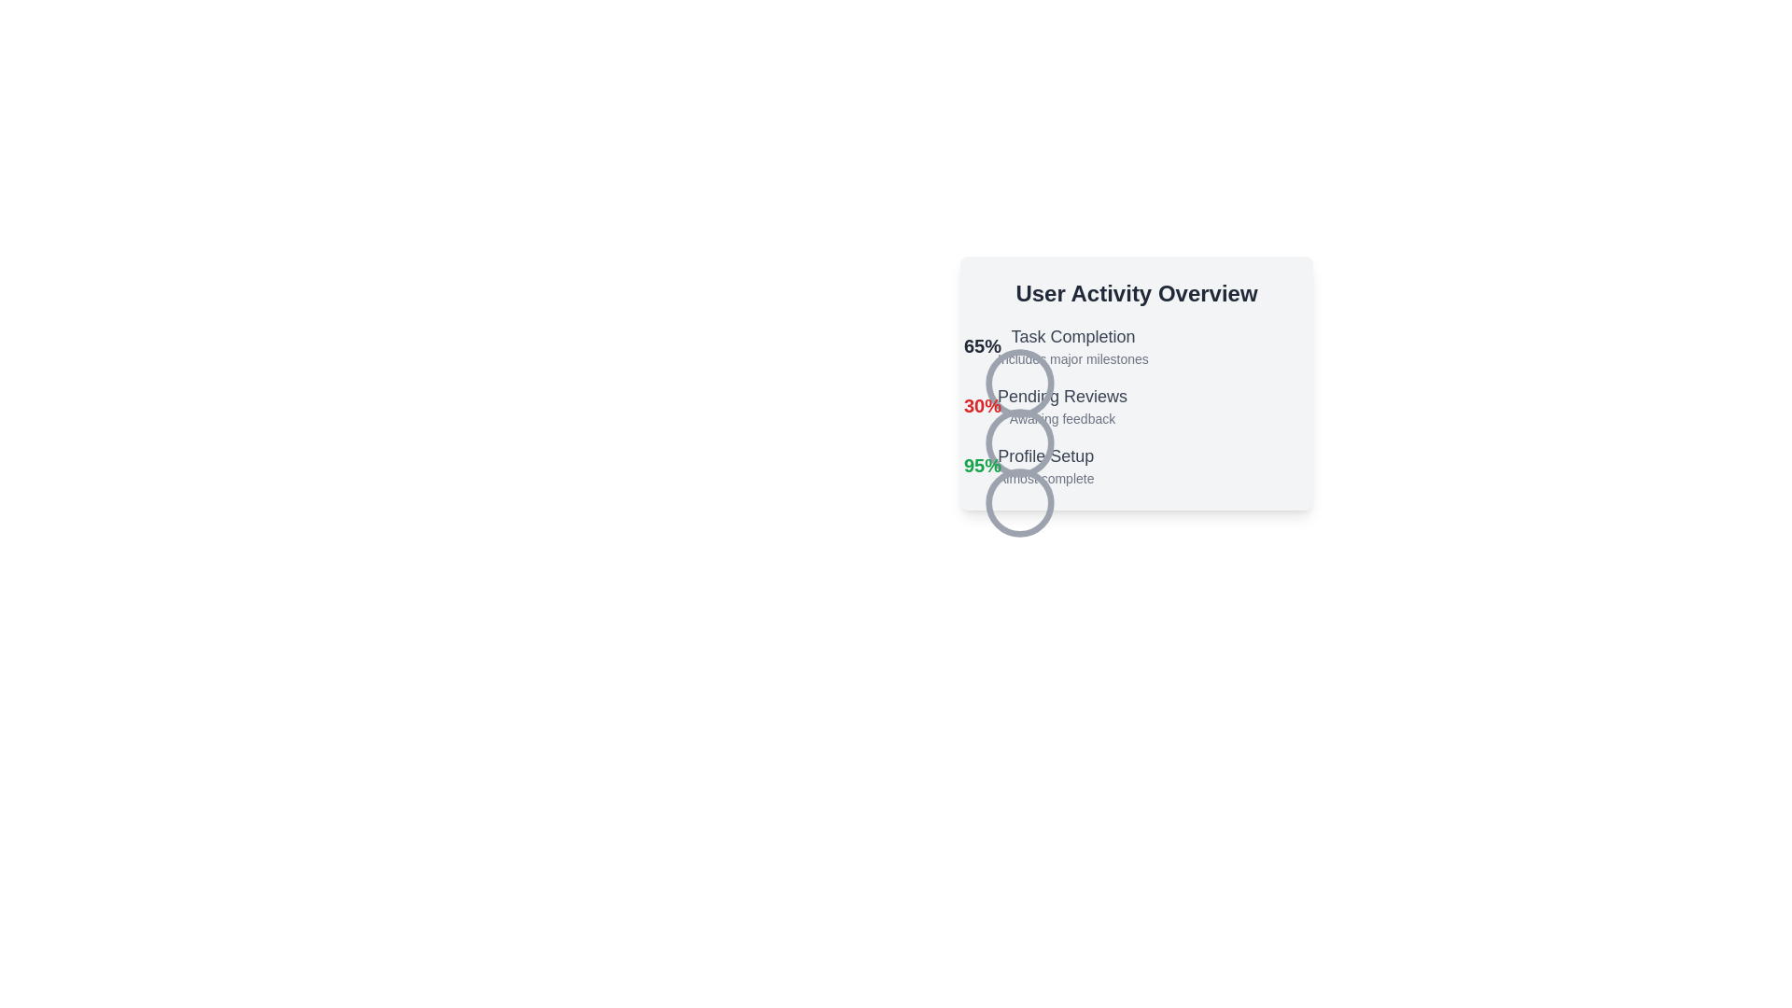  I want to click on the text block displaying 'Pending Reviews' in the 'User Activity Overview' section, which is positioned between '30%' and 'Profile Setup', so click(1062, 405).